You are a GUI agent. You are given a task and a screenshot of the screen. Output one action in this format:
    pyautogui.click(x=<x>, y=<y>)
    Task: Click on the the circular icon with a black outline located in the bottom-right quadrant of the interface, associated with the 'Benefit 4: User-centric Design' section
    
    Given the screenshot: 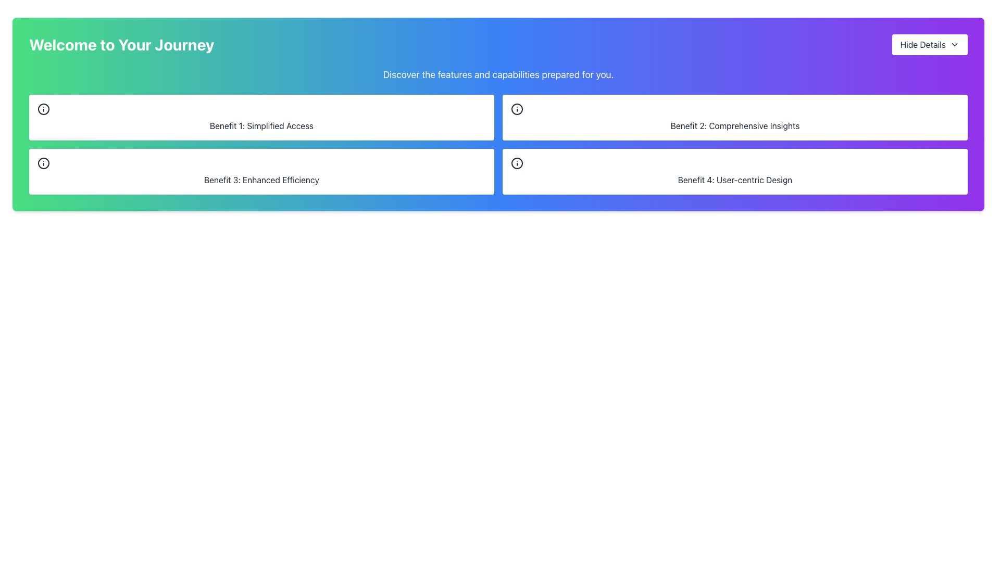 What is the action you would take?
    pyautogui.click(x=517, y=163)
    